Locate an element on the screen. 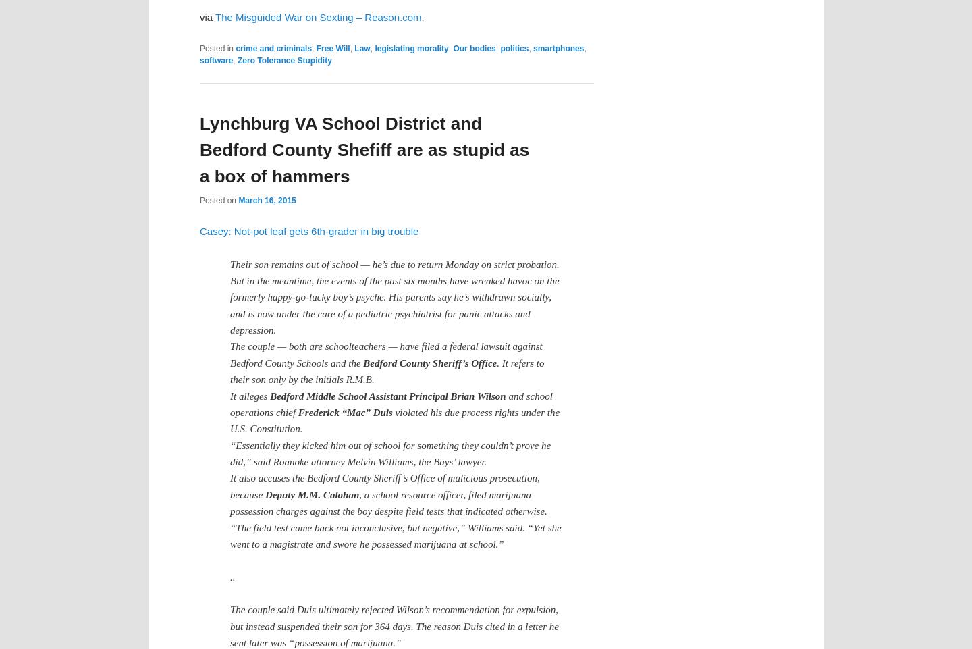 This screenshot has width=972, height=649. 'Bedford Middle School Assistant Principal Brian Wilson' is located at coordinates (269, 395).